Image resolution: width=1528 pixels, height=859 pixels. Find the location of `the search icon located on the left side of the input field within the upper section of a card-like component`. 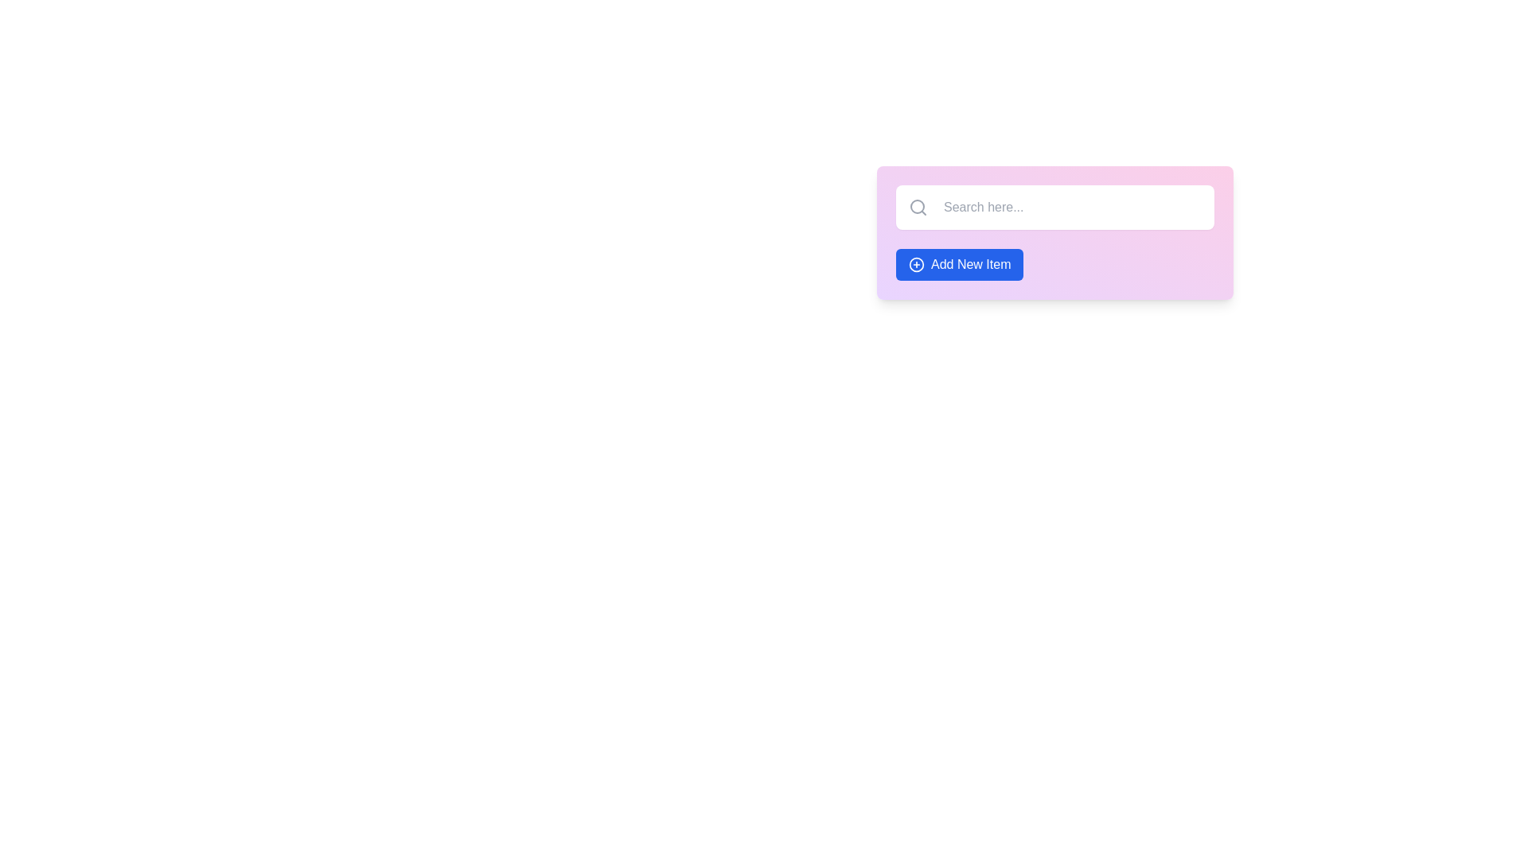

the search icon located on the left side of the input field within the upper section of a card-like component is located at coordinates (918, 207).